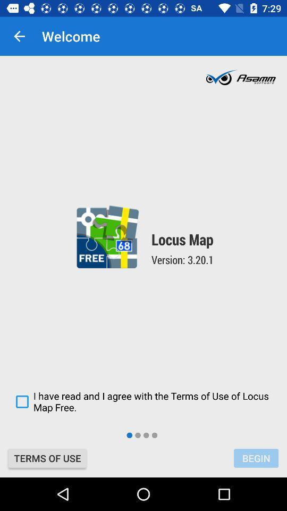 Image resolution: width=287 pixels, height=511 pixels. What do you see at coordinates (19, 36) in the screenshot?
I see `icon above the i have read icon` at bounding box center [19, 36].